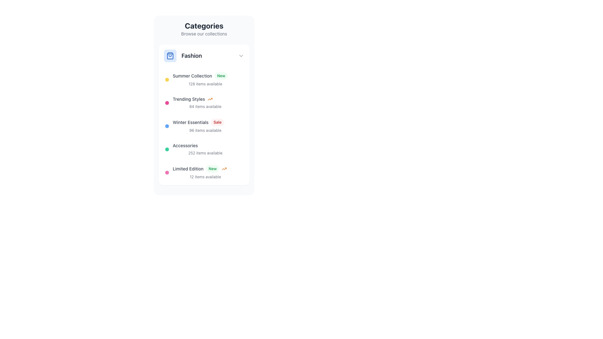 This screenshot has height=339, width=603. What do you see at coordinates (205, 153) in the screenshot?
I see `the Text label indicating the number of items available for the 'Accessories' category, which is located below the 'Accessories' label in the 'Categories' section of the interface` at bounding box center [205, 153].